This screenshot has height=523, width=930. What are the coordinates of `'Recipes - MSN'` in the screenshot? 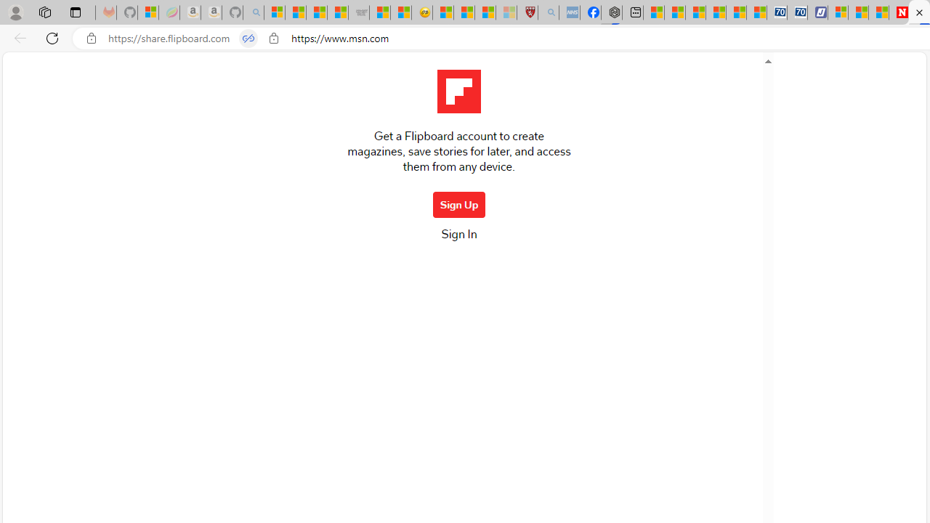 It's located at (442, 12).